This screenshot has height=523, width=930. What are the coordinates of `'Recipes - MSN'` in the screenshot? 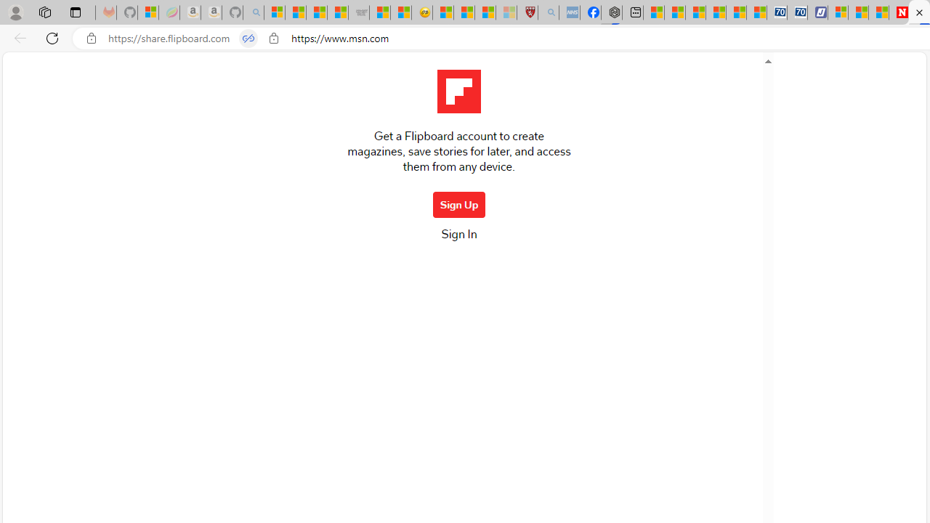 It's located at (442, 12).